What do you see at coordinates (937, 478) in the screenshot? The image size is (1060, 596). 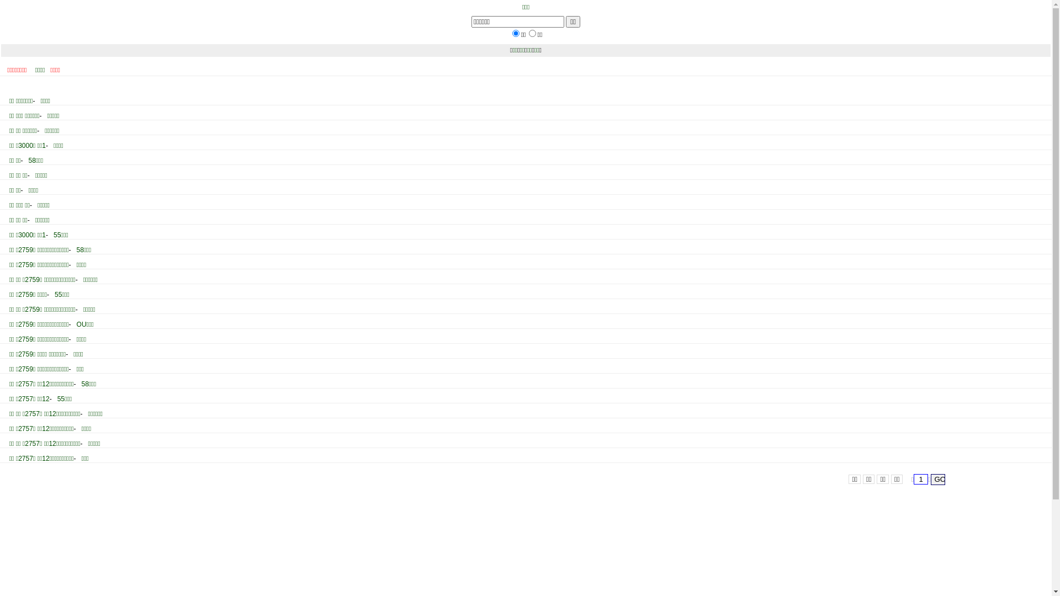 I see `'GO'` at bounding box center [937, 478].